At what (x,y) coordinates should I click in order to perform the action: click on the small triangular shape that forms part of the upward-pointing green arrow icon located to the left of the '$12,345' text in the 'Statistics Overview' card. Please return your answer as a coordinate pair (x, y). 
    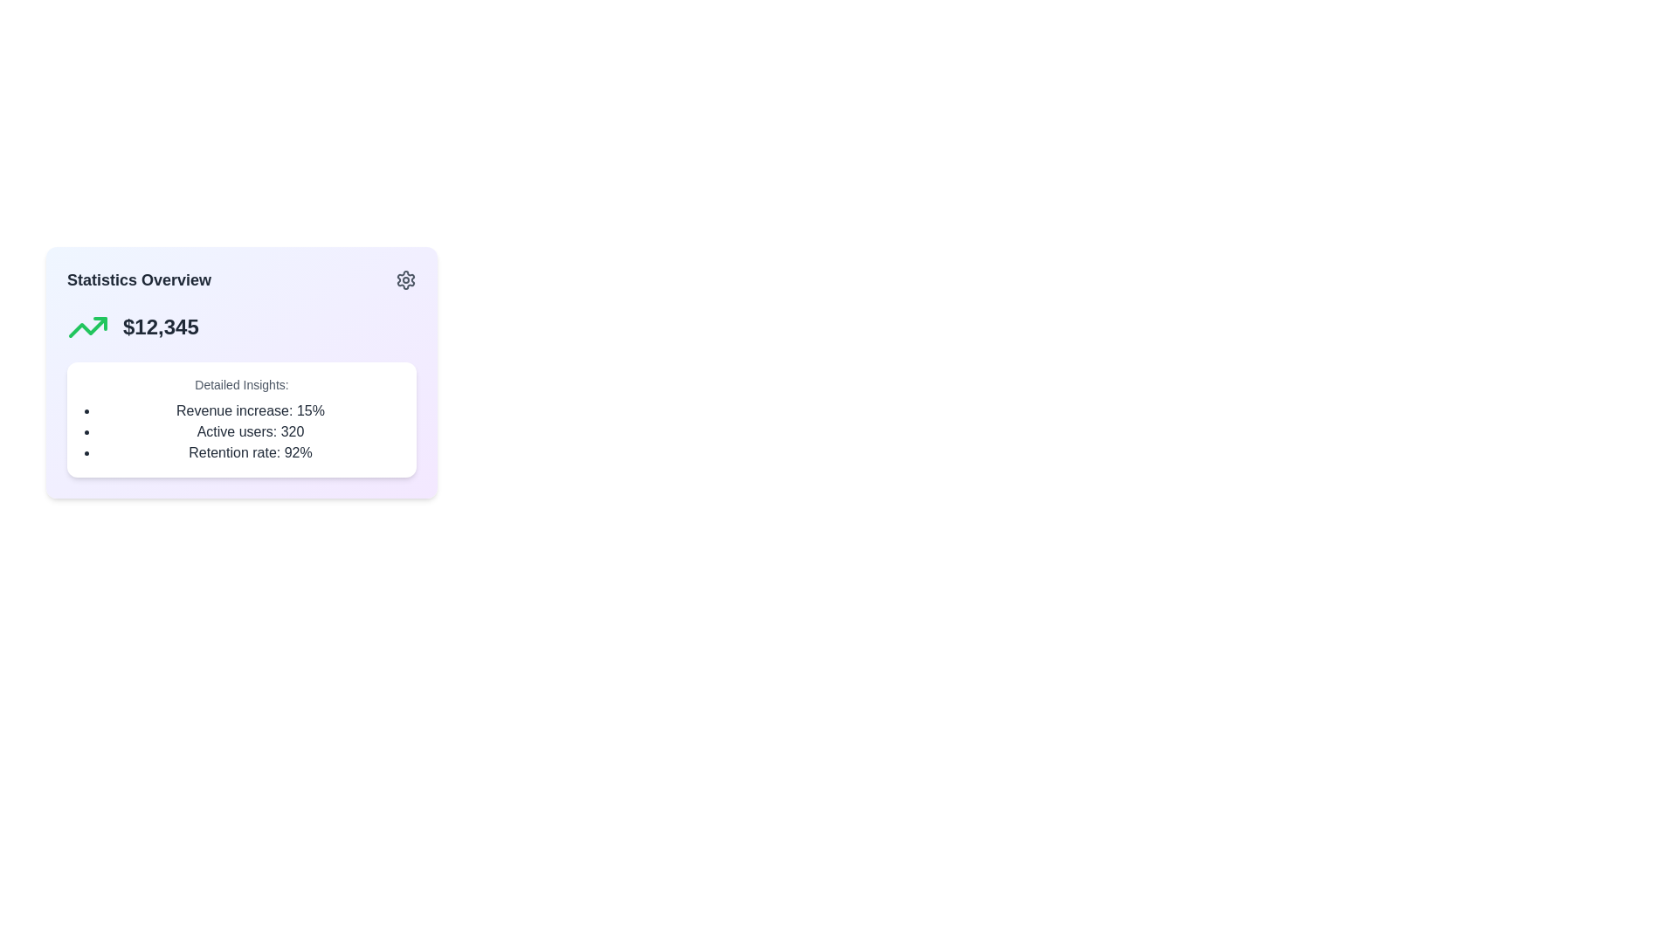
    Looking at the image, I should click on (100, 323).